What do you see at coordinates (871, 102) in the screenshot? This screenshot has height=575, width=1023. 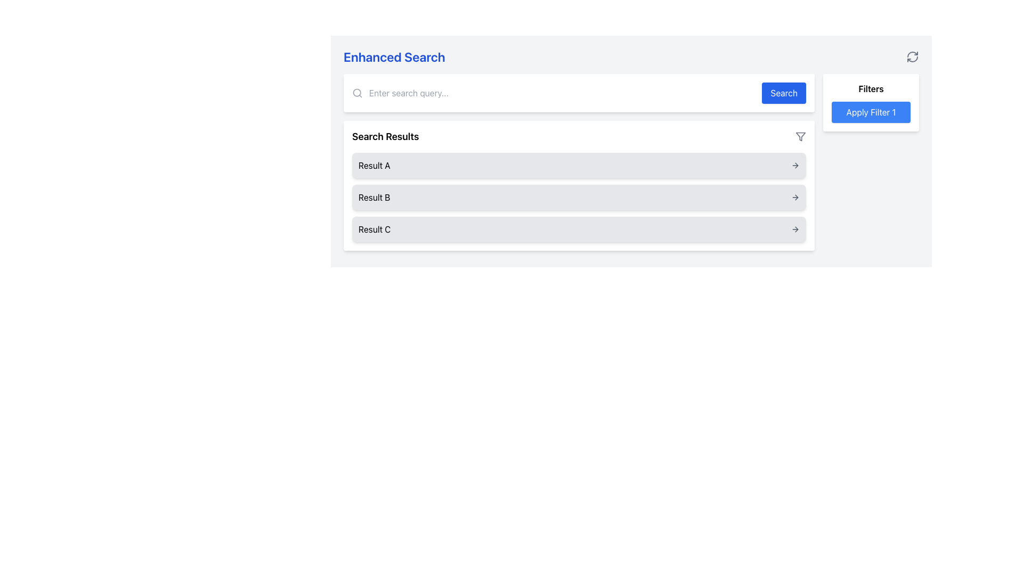 I see `the 'Apply Filter 1' button located below the 'Filters' header to apply the filter` at bounding box center [871, 102].